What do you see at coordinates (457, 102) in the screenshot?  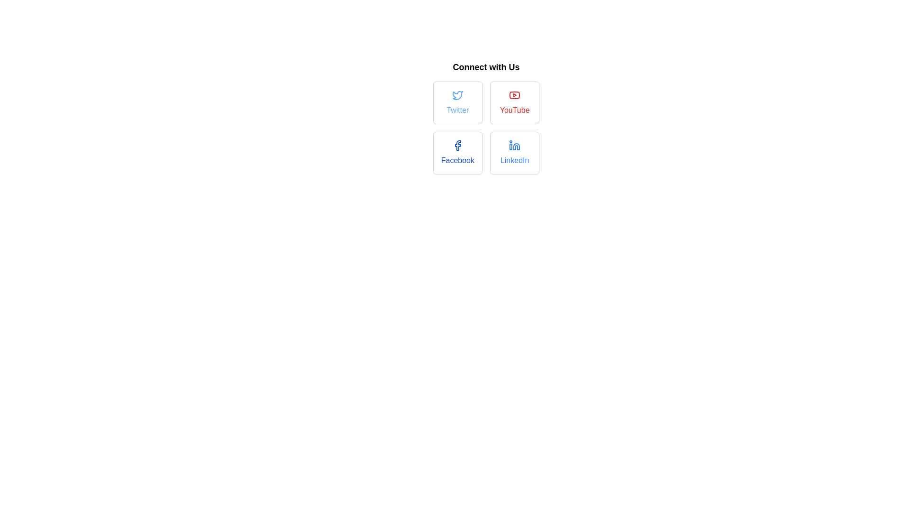 I see `the Twitter button located in the top-left corner of the grid layout` at bounding box center [457, 102].